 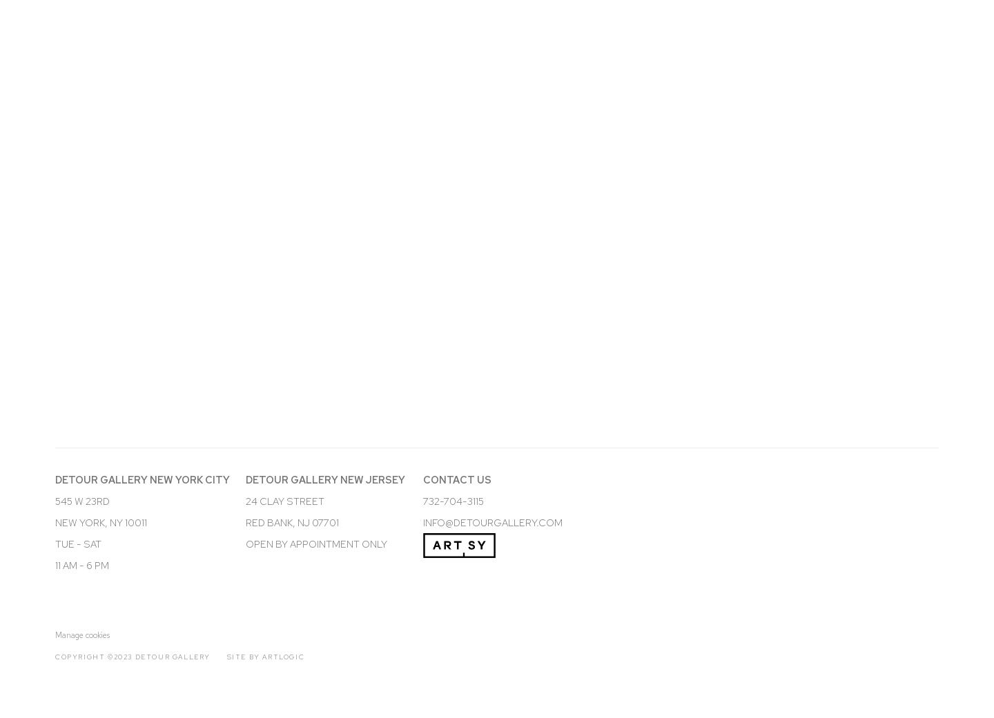 I want to click on 'NEW YORK, NY 10011', so click(x=55, y=521).